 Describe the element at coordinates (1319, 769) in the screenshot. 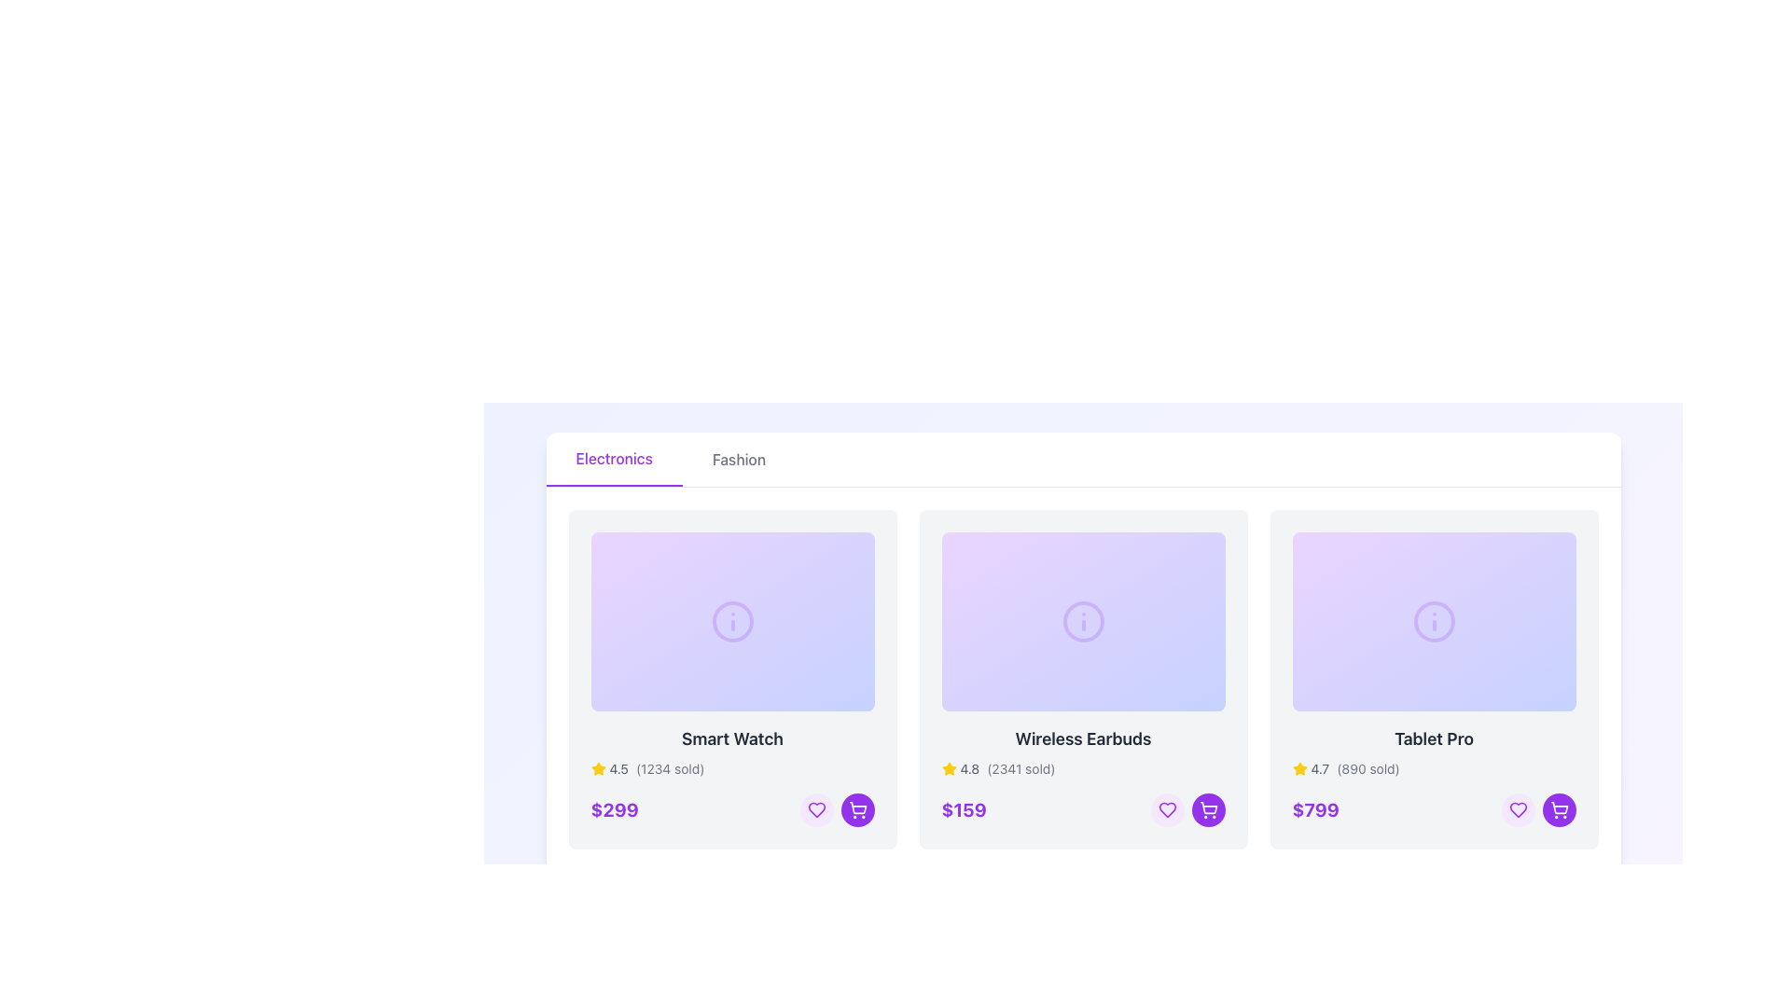

I see `text displayed in the Text Label showing the average user rating of the 'Tablet Pro' product, which is positioned below the product image and adjacent to the yellow star icon and '(890 sold)'` at that location.